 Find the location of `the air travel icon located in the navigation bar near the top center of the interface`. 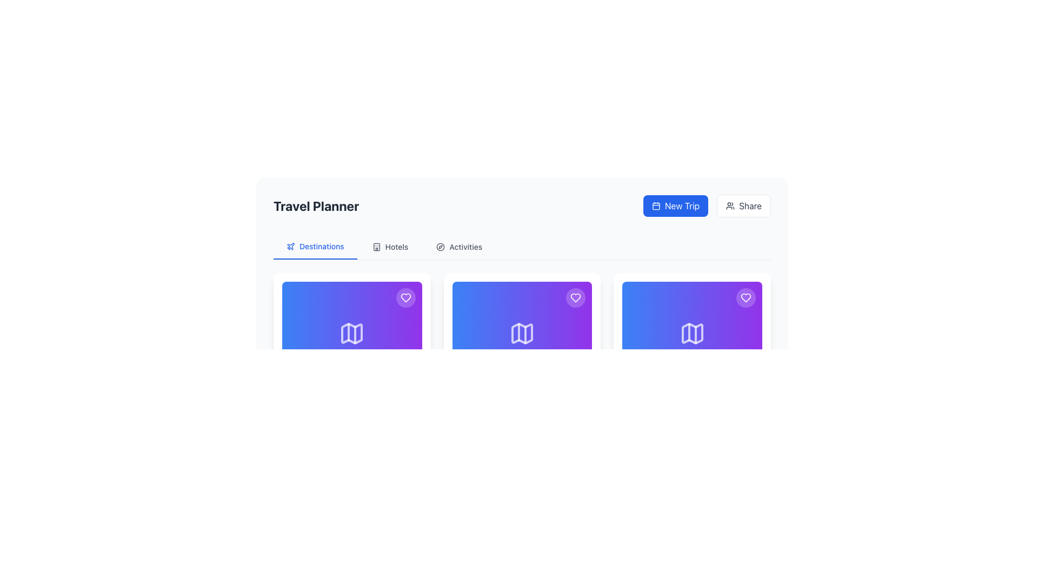

the air travel icon located in the navigation bar near the top center of the interface is located at coordinates (290, 246).